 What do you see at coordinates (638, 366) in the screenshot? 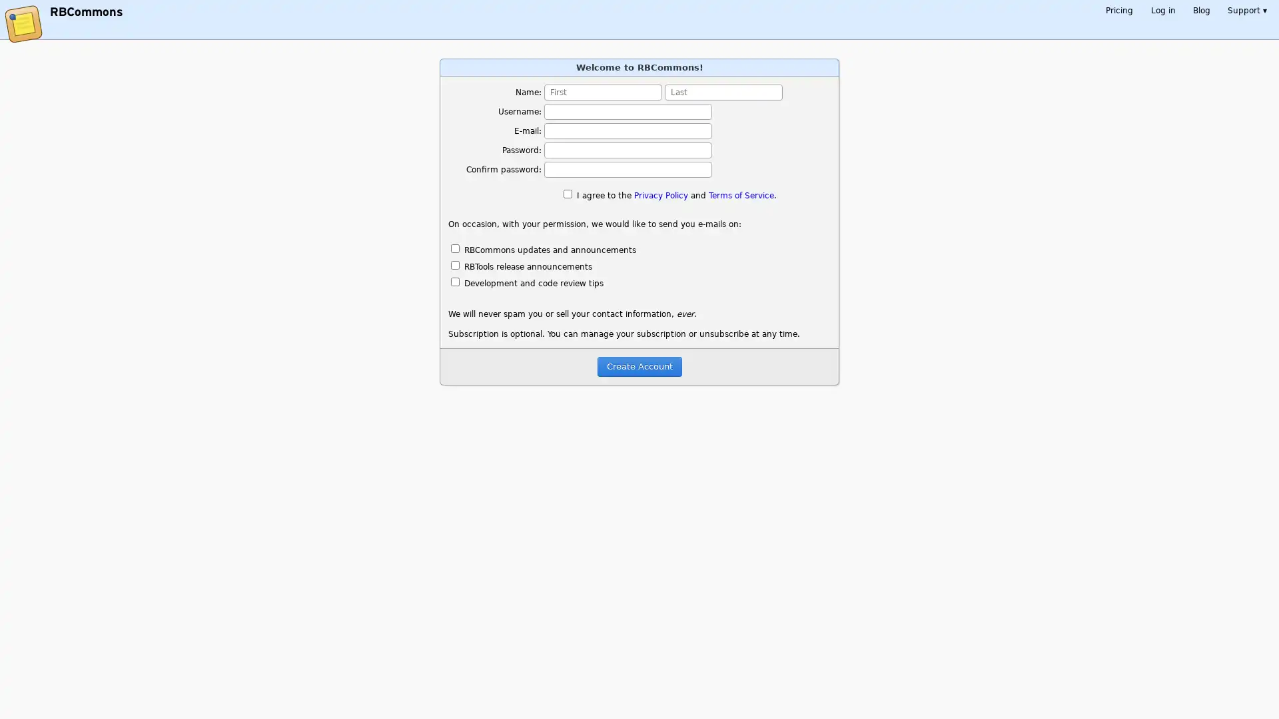
I see `Create Account` at bounding box center [638, 366].